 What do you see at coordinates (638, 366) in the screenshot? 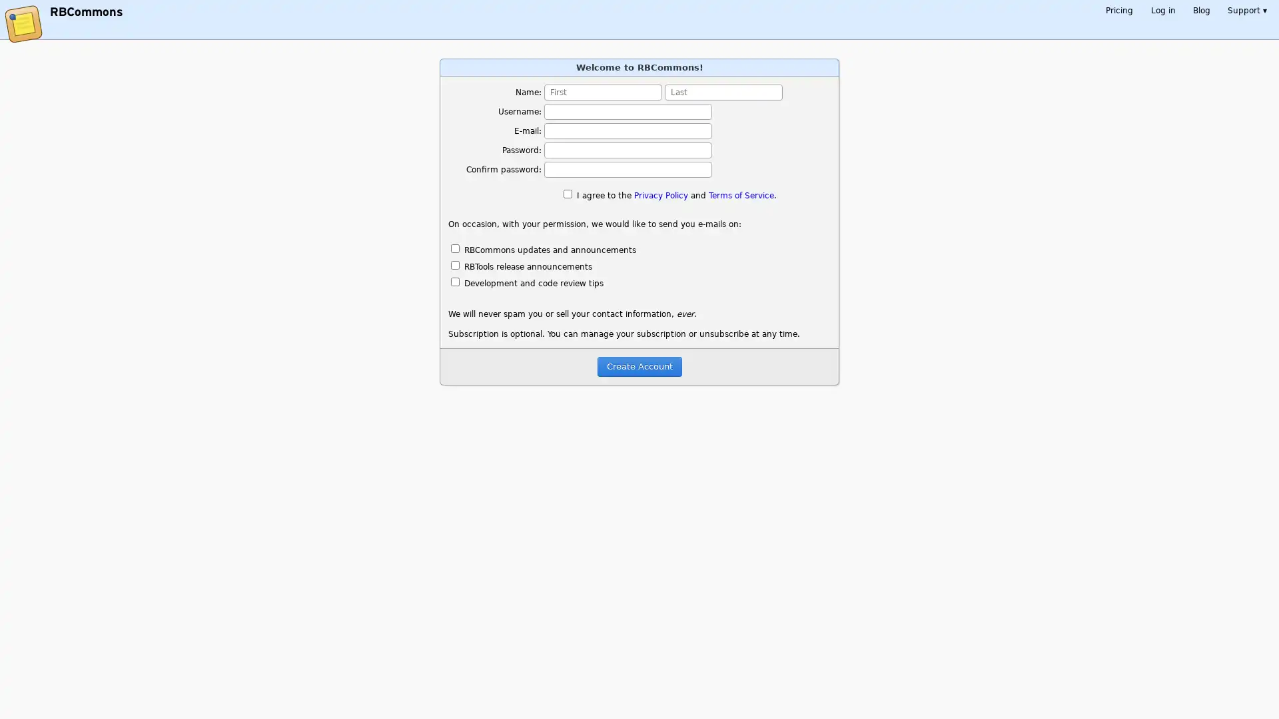
I see `Create Account` at bounding box center [638, 366].